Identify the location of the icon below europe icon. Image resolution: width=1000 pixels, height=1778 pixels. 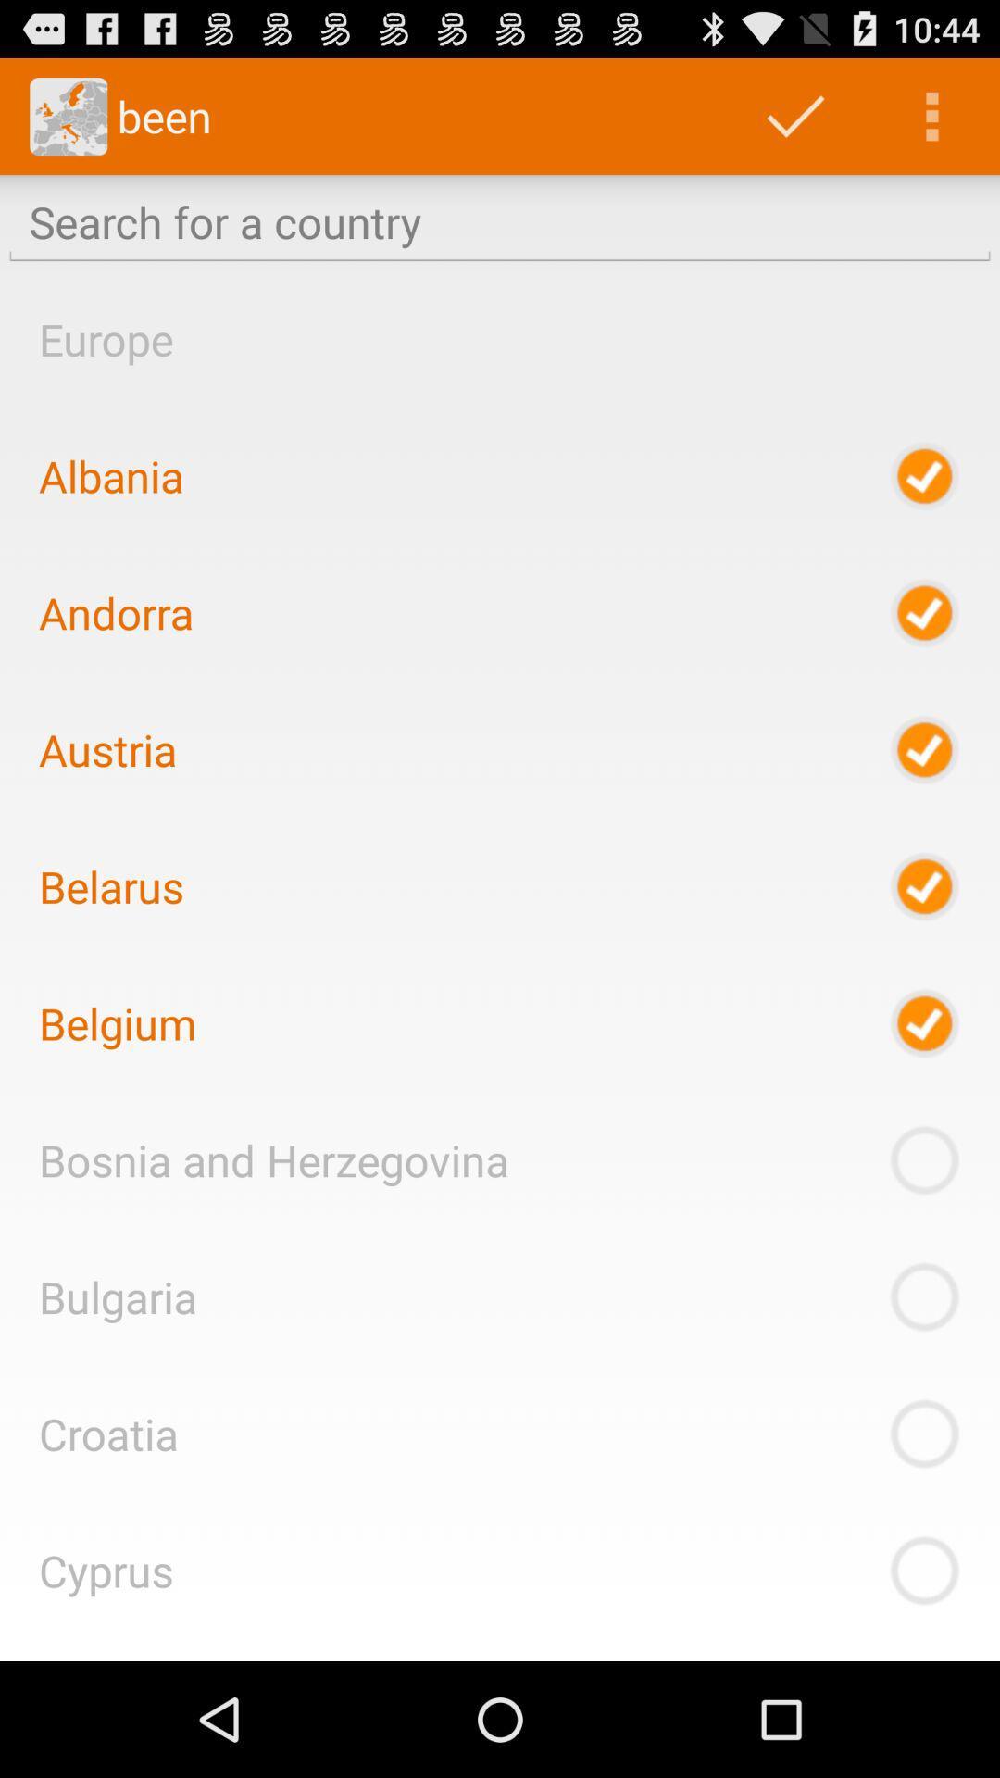
(111, 476).